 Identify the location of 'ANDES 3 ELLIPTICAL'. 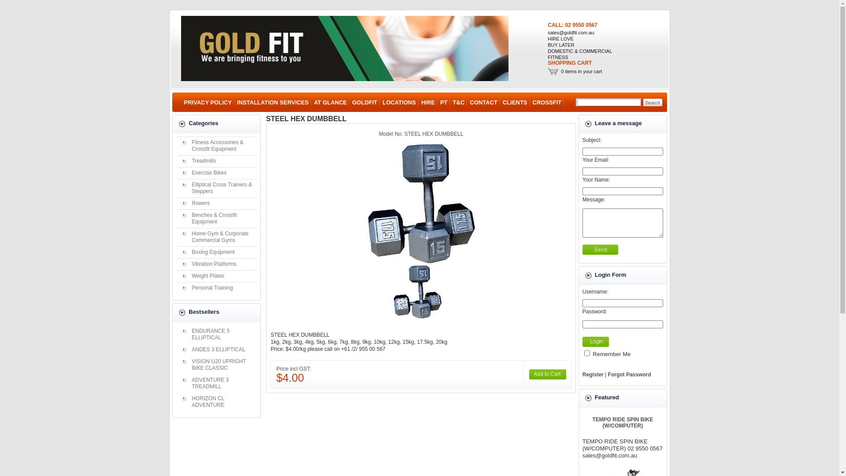
(216, 349).